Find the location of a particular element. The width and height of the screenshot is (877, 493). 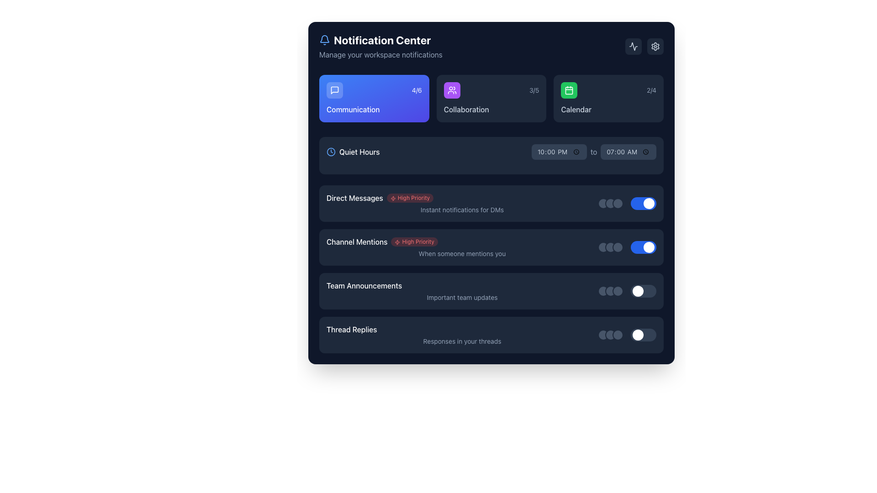

the decorative element within the SVG structure of the calendar icon is located at coordinates (569, 90).